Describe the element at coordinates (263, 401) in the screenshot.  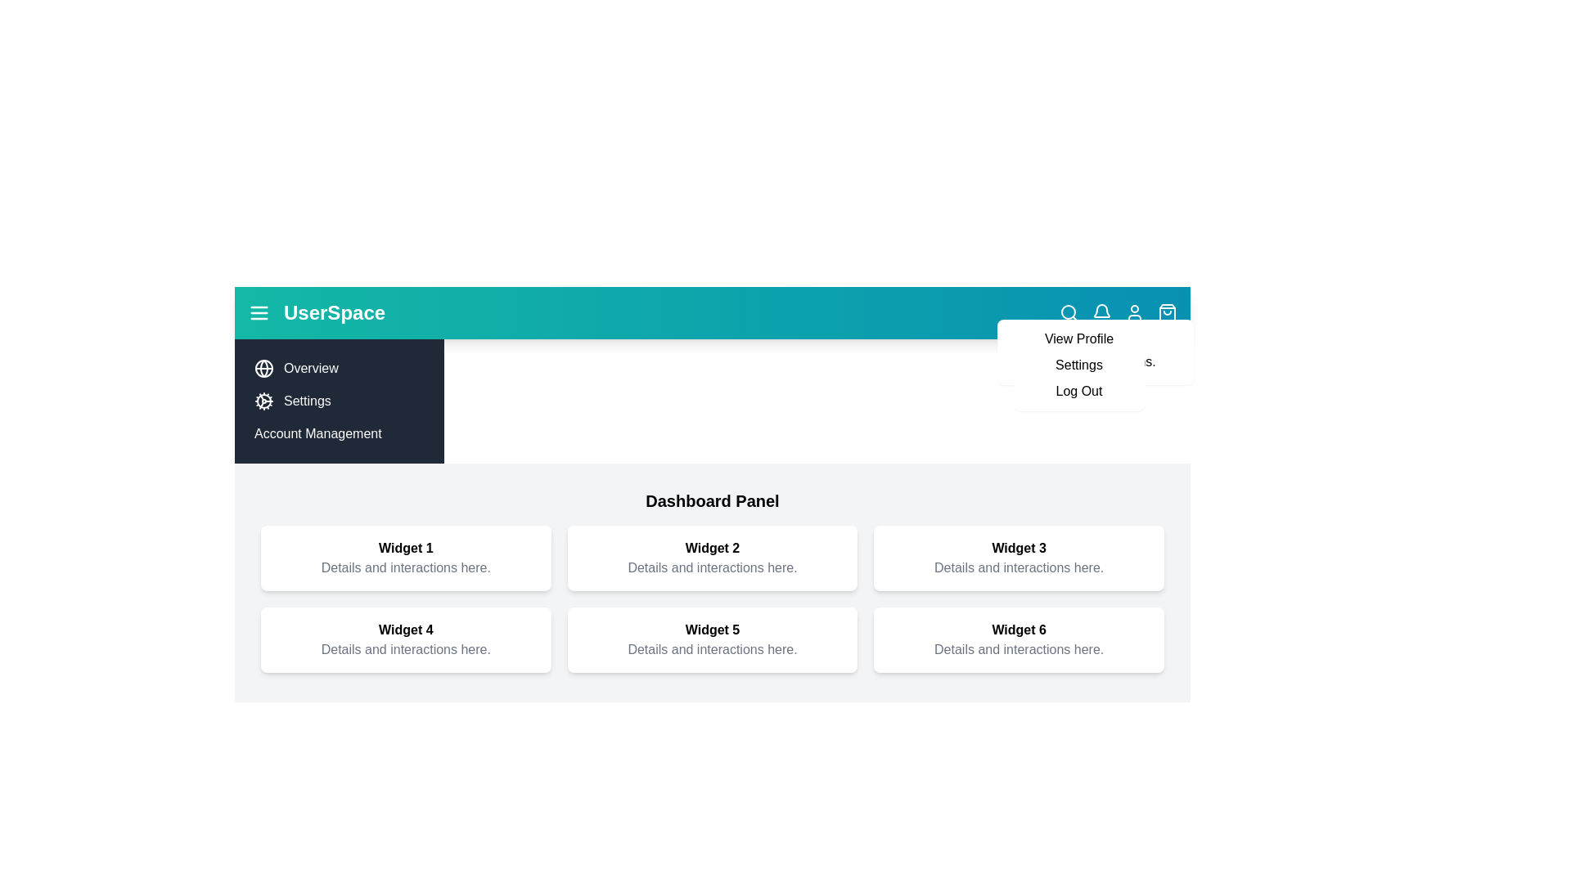
I see `the 'Settings' icon in the sidebar` at that location.